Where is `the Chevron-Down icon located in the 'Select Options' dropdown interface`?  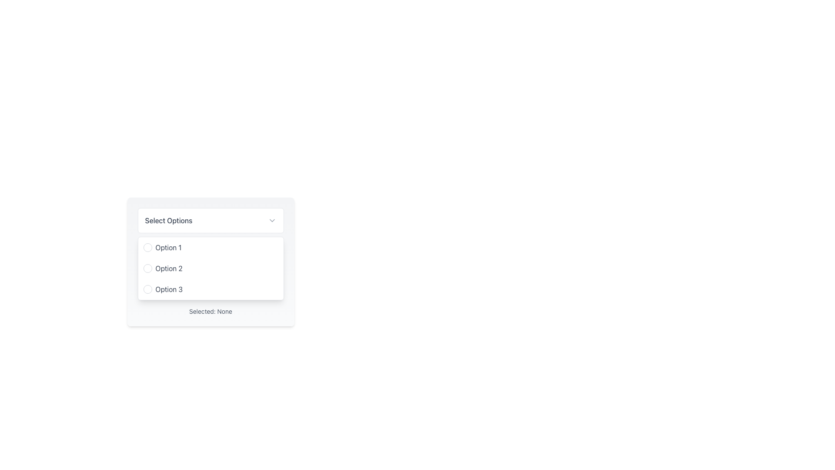 the Chevron-Down icon located in the 'Select Options' dropdown interface is located at coordinates (271, 220).